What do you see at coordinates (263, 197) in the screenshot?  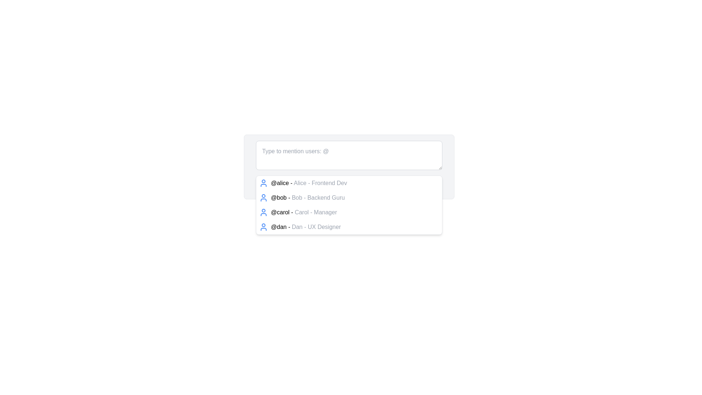 I see `the Profile icon (SVG image) which is the leftmost component of the list item labeled '@bob - Bob - Backend Guru', positioned immediately to the left of the user details` at bounding box center [263, 197].